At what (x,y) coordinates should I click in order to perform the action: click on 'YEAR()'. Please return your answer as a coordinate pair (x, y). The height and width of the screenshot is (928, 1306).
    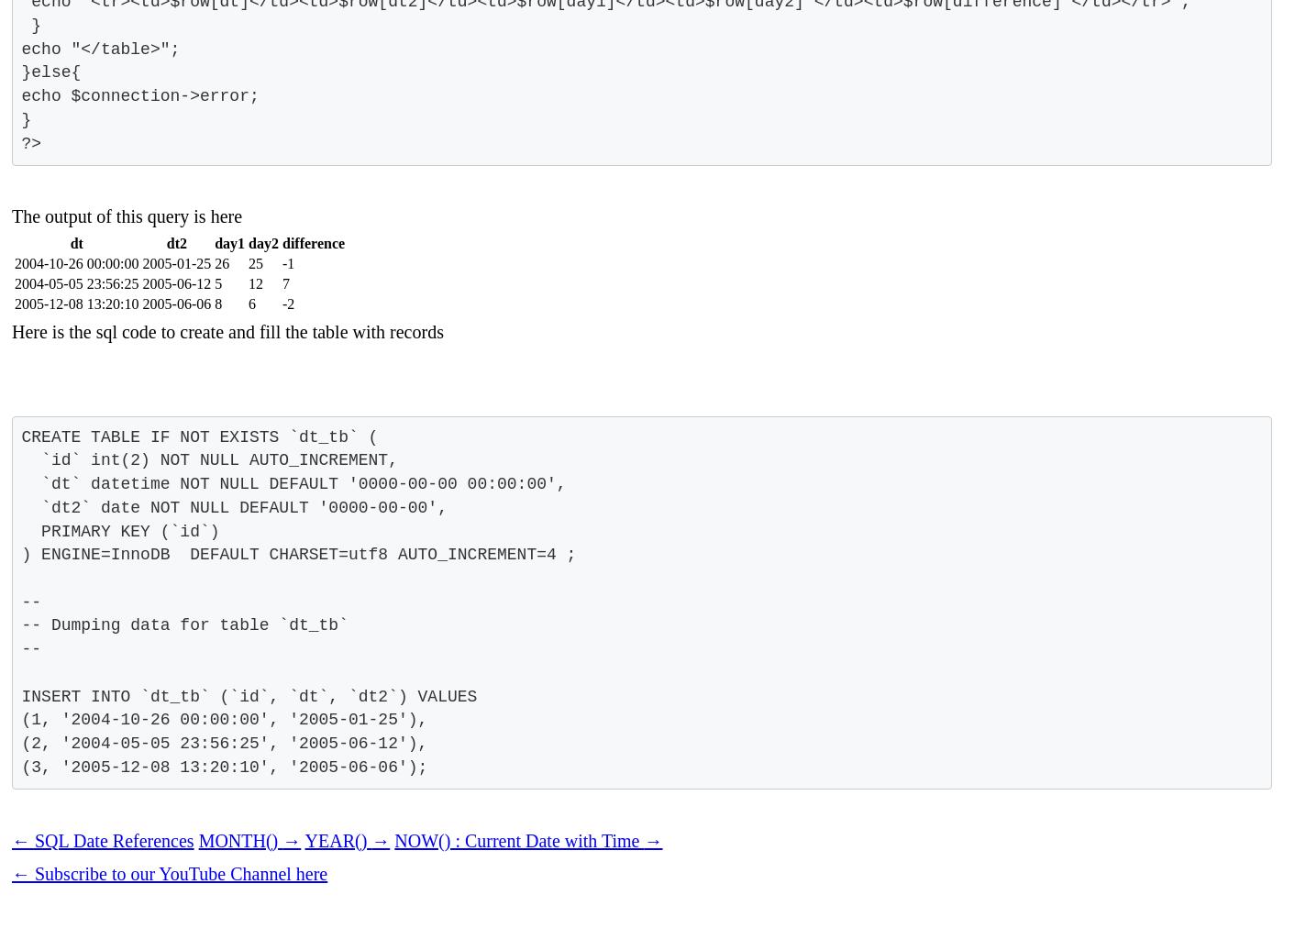
    Looking at the image, I should click on (338, 839).